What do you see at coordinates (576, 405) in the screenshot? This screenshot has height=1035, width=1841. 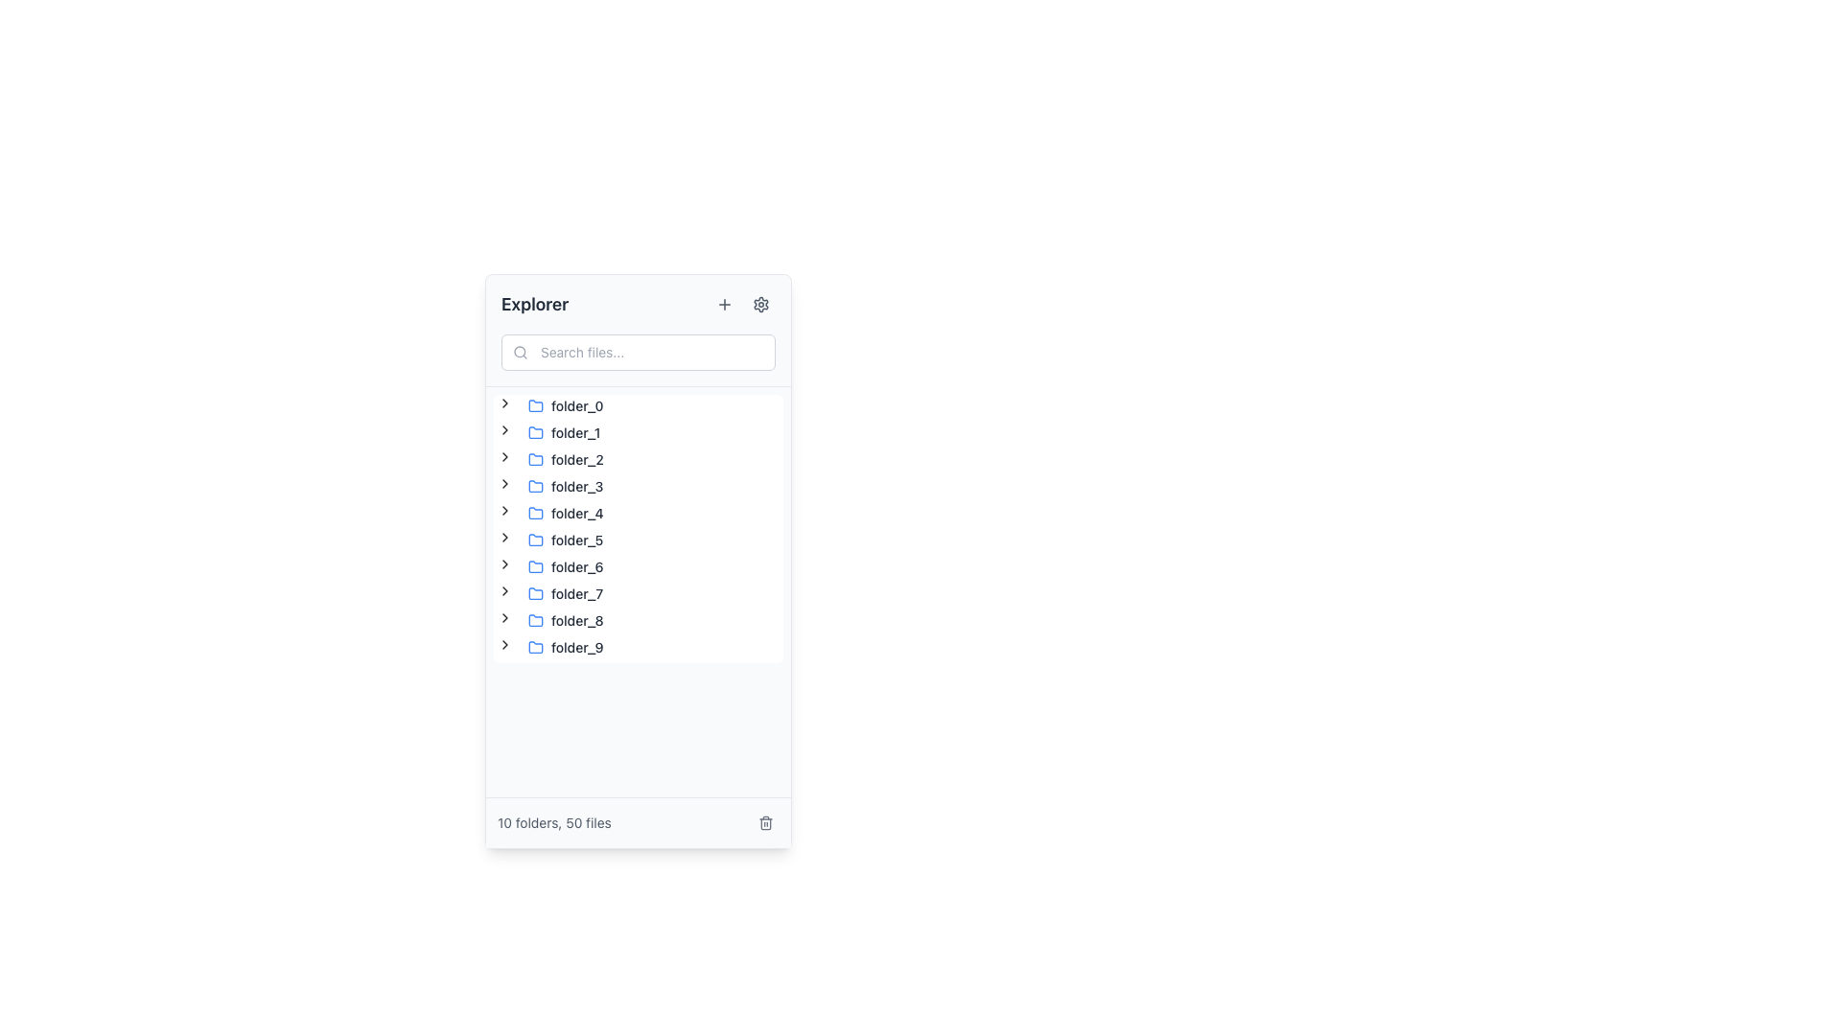 I see `the text label 'folder_0'` at bounding box center [576, 405].